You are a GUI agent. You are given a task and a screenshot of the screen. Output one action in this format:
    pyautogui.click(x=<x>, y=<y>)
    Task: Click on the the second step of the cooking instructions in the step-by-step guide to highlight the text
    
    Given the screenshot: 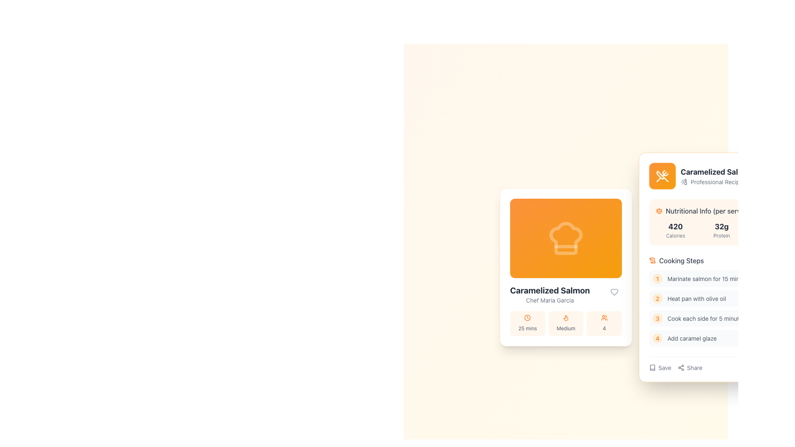 What is the action you would take?
    pyautogui.click(x=721, y=301)
    